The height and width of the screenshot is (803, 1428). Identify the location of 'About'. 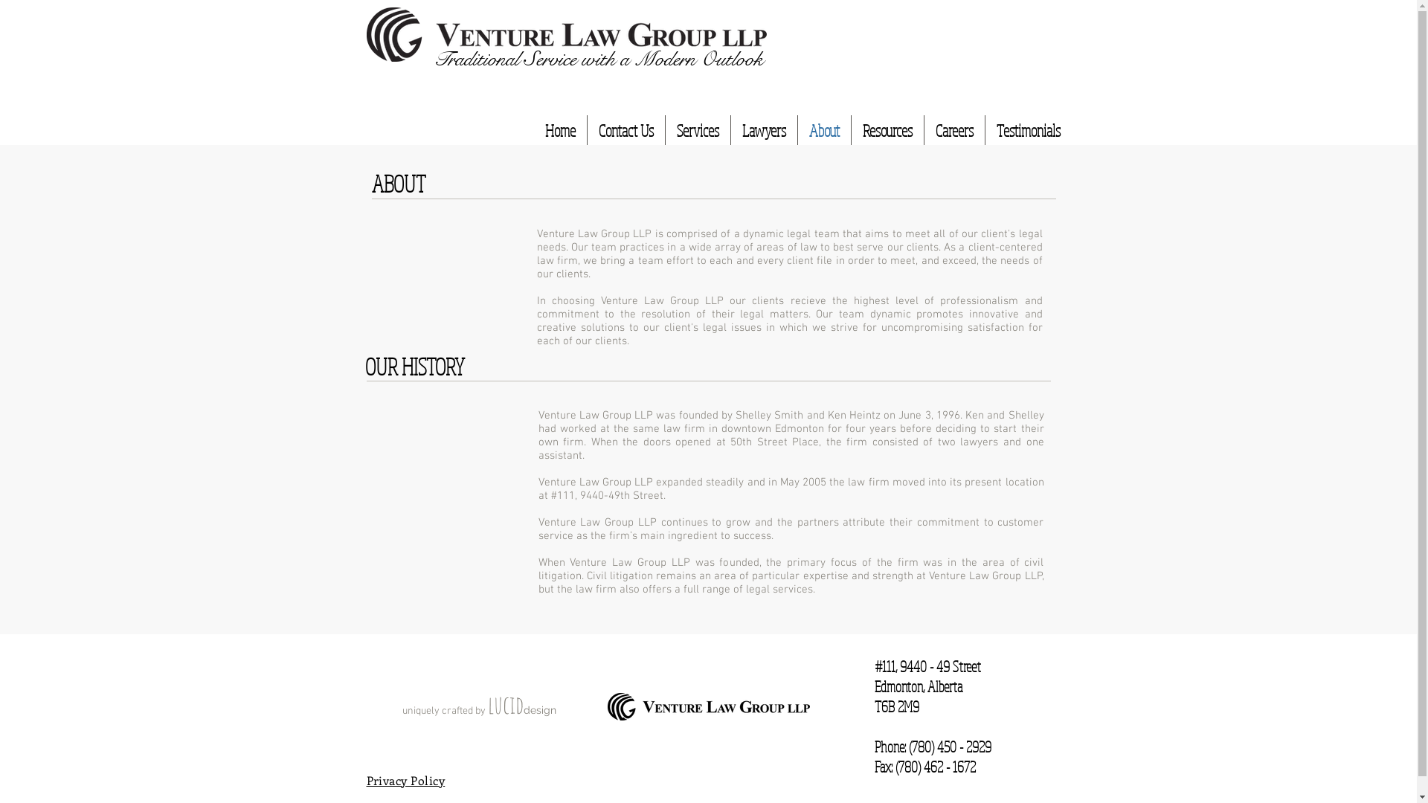
(796, 129).